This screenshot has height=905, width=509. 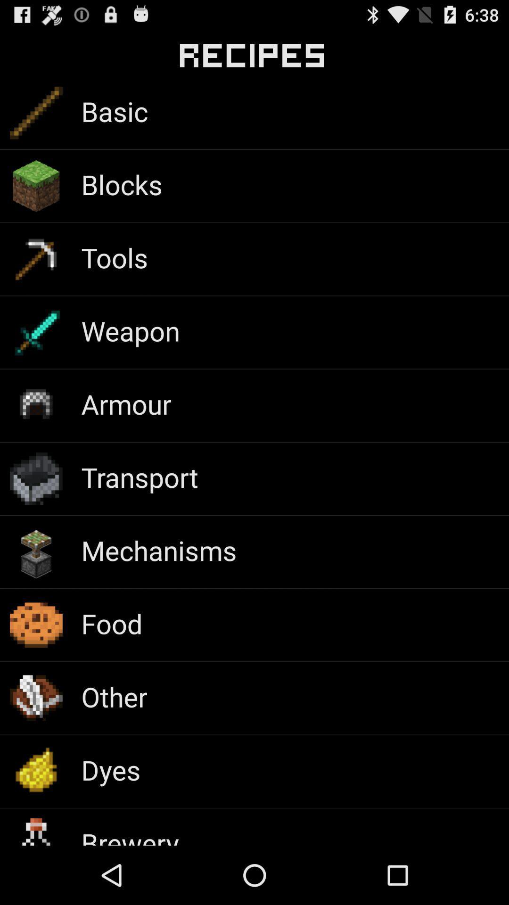 I want to click on the icon which is beside basic, so click(x=36, y=113).